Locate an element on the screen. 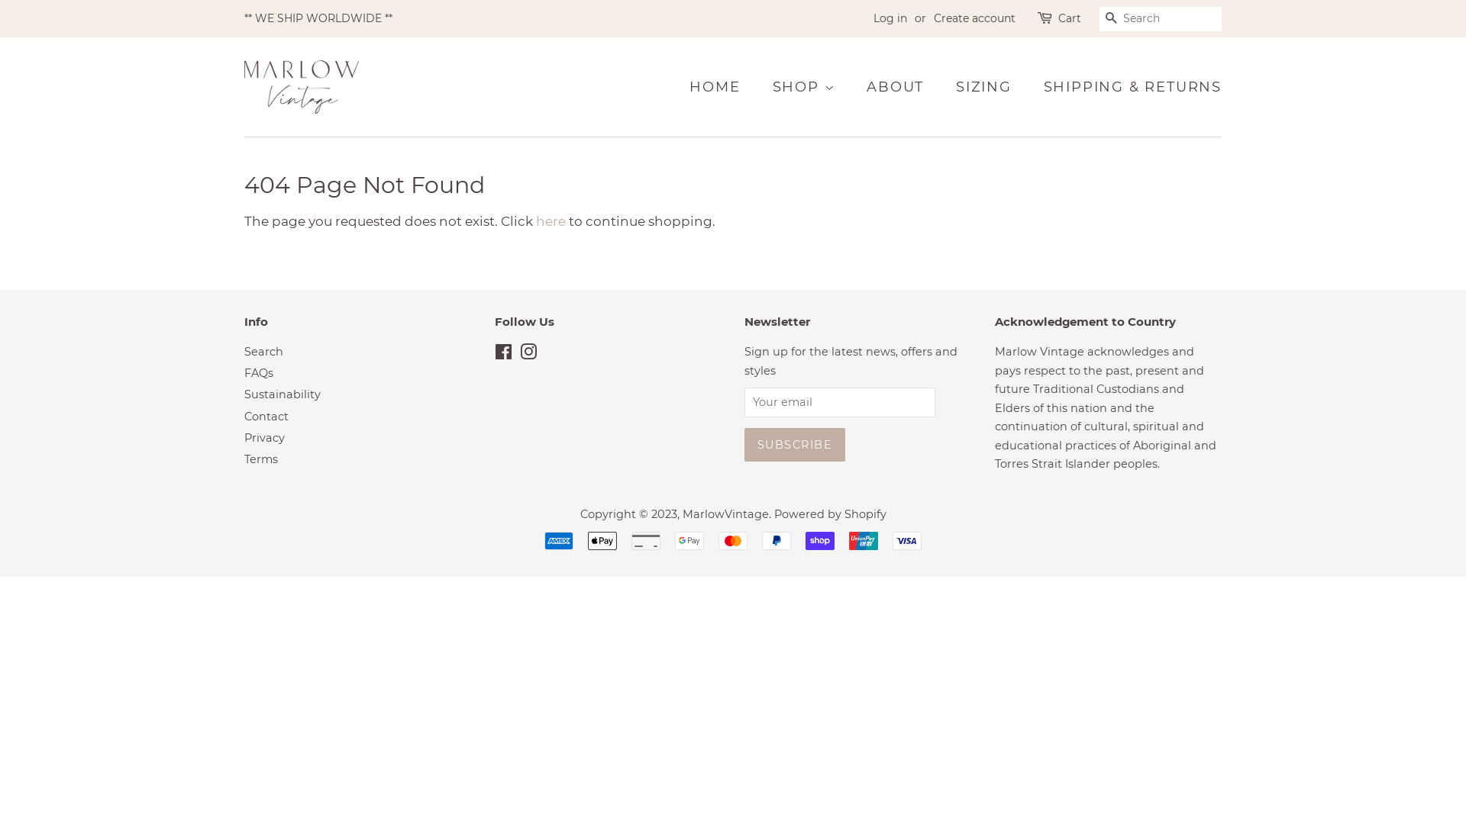 This screenshot has width=1466, height=824. 'SHIPPING & RETURNS' is located at coordinates (1032, 87).